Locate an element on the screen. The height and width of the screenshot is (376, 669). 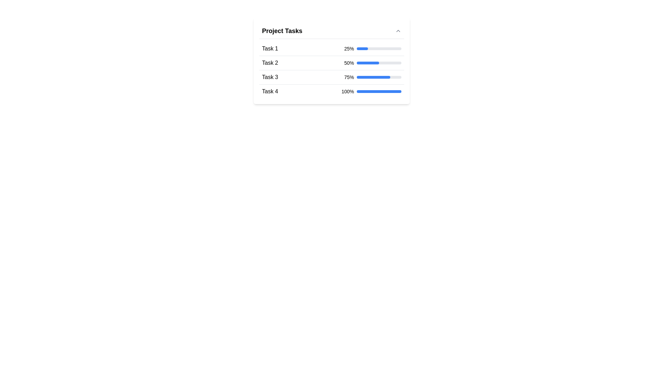
the visual representation of the progress of Task 3, which is currently at 75% completion in the project management interface is located at coordinates (373, 77).